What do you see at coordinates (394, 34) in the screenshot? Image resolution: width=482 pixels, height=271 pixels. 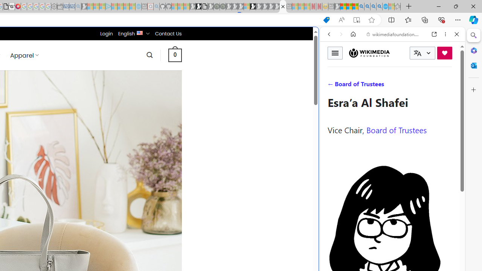 I see `'wikimediafoundation.org'` at bounding box center [394, 34].